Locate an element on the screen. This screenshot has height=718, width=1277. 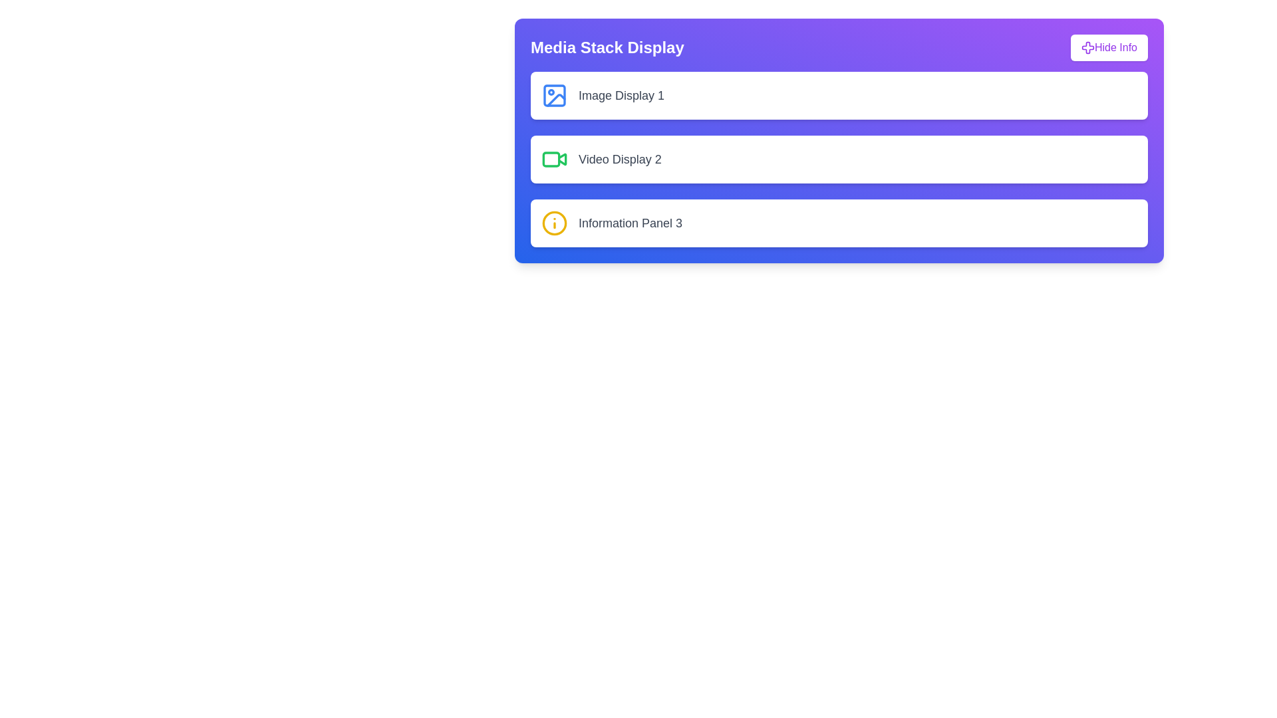
the decorative shape with rounded corners located inside the image frame icon in the 'Media Stack Display' section is located at coordinates (555, 94).